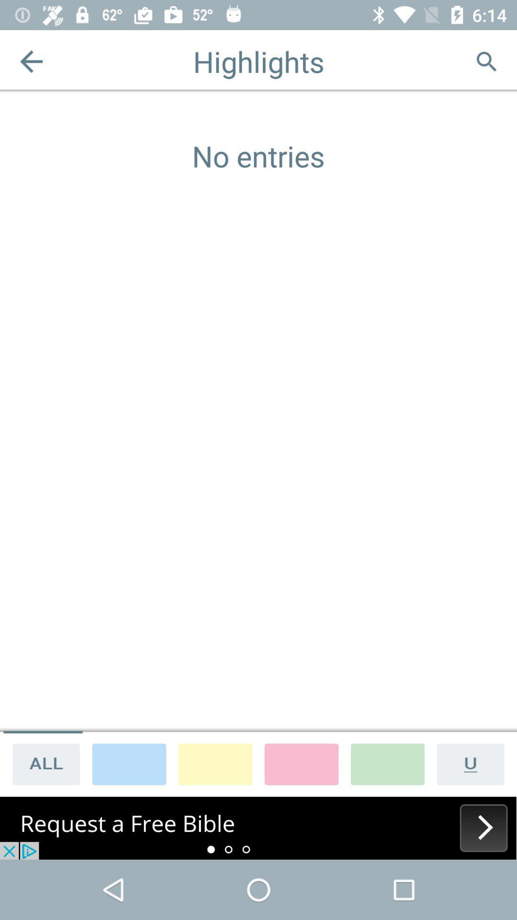  I want to click on the search icon, so click(486, 61).